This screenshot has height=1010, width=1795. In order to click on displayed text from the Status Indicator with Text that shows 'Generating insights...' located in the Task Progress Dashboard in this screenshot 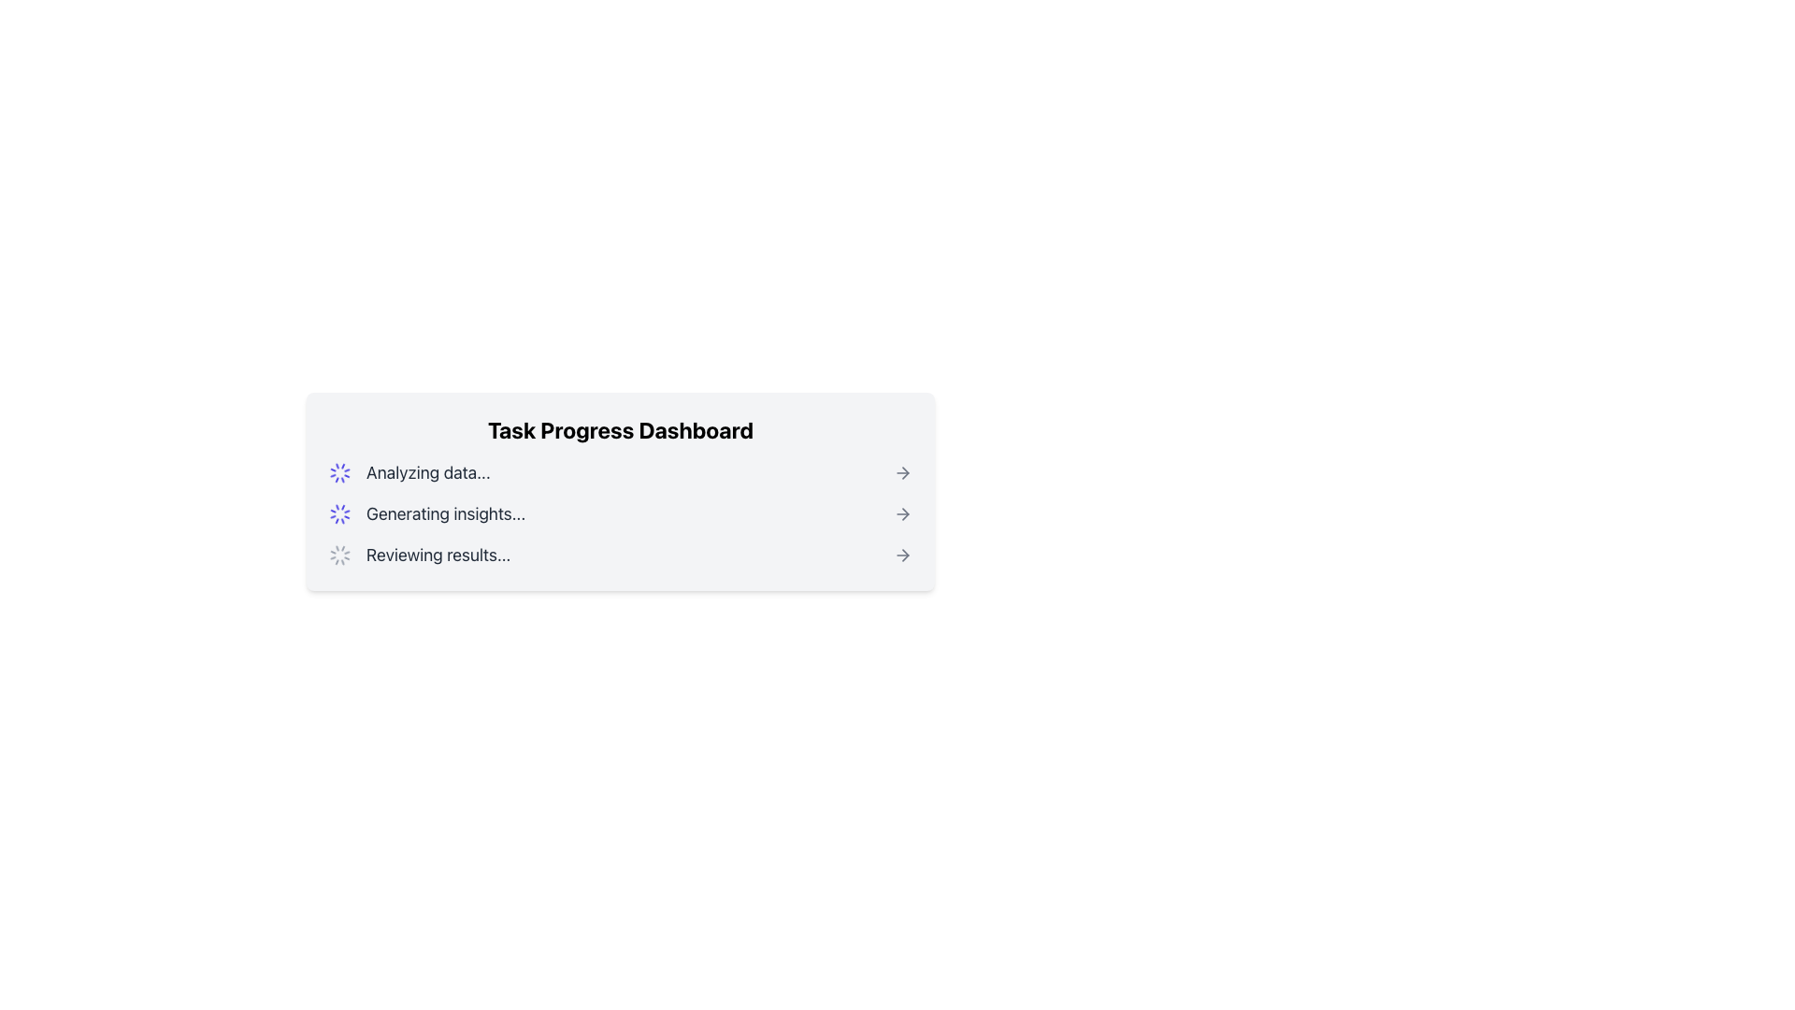, I will do `click(426, 514)`.